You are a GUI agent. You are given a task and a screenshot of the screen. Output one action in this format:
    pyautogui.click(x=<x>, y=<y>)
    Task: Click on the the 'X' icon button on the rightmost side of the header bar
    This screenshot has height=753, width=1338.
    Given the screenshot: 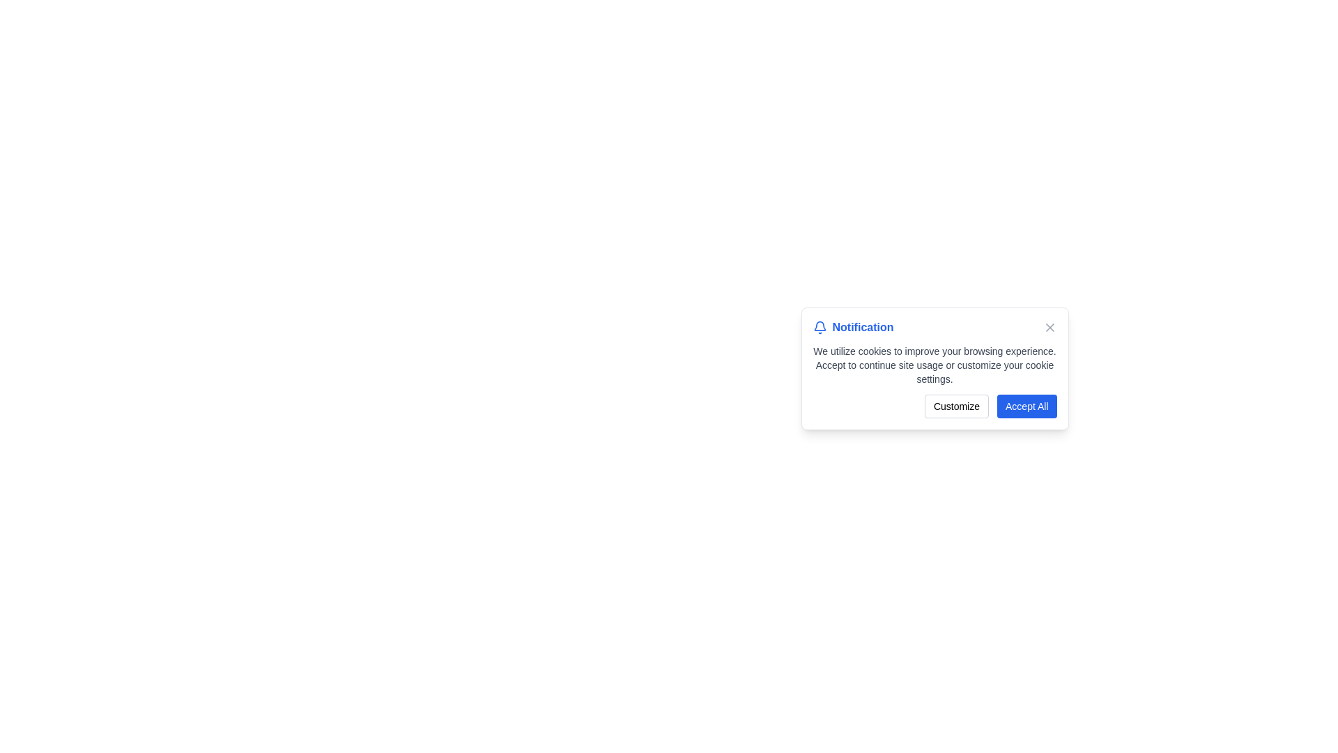 What is the action you would take?
    pyautogui.click(x=1049, y=328)
    